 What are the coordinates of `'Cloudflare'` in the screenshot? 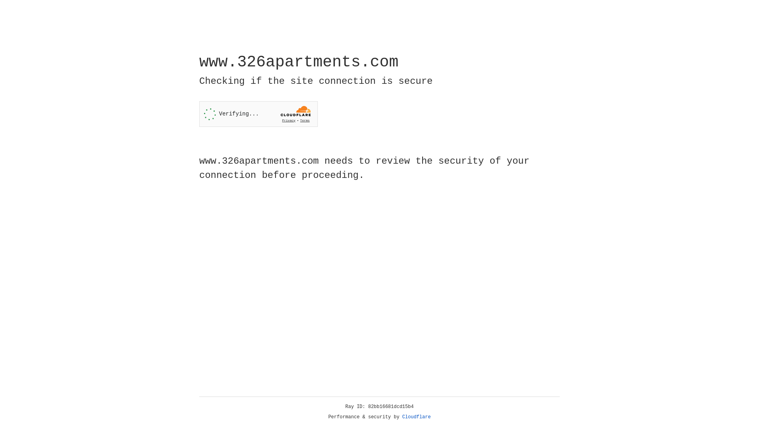 It's located at (416, 417).